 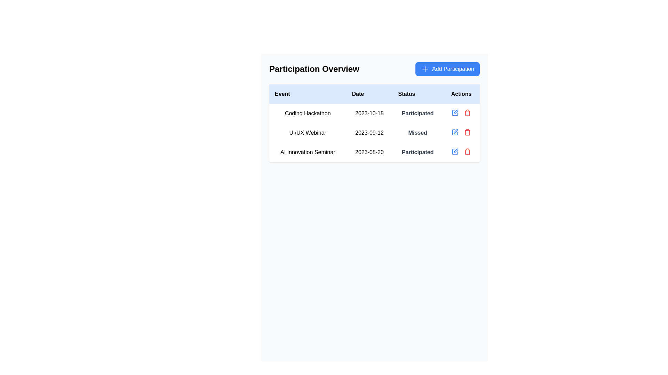 I want to click on the second row of the 'Participation Overview' table, which contains details about 'UI/UX Webinar', so click(x=374, y=133).